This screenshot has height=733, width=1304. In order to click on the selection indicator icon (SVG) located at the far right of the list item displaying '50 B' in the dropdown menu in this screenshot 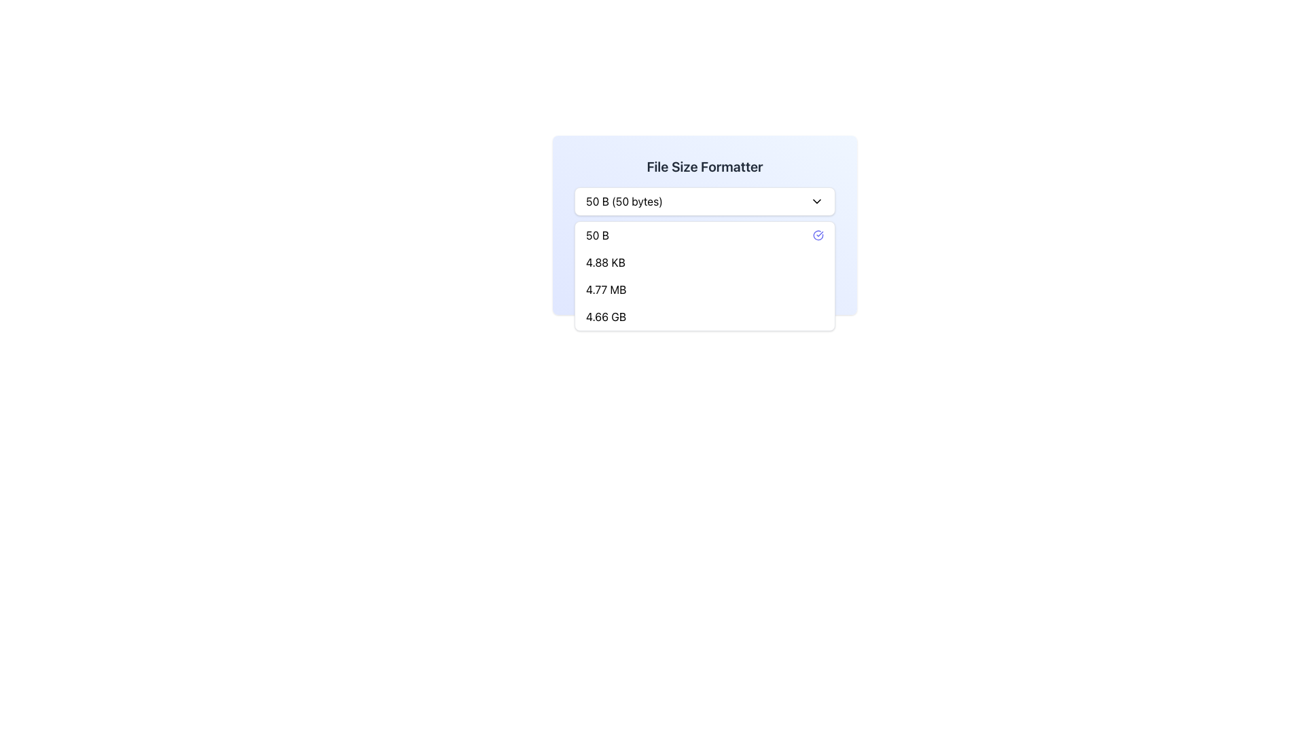, I will do `click(817, 235)`.